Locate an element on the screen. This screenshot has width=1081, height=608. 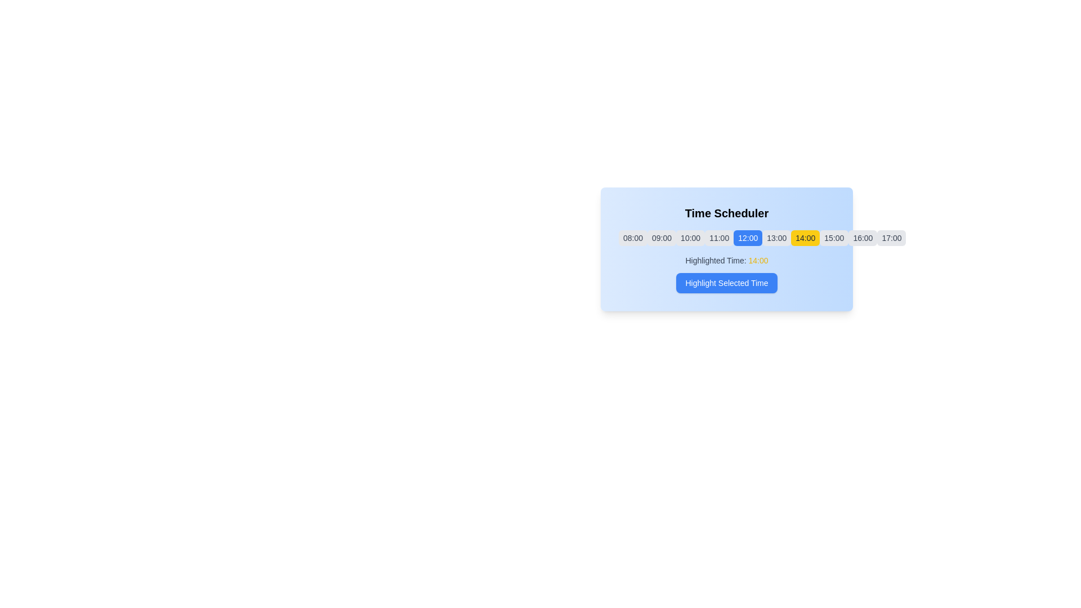
the first time option button labeled '08:00' is located at coordinates (633, 238).